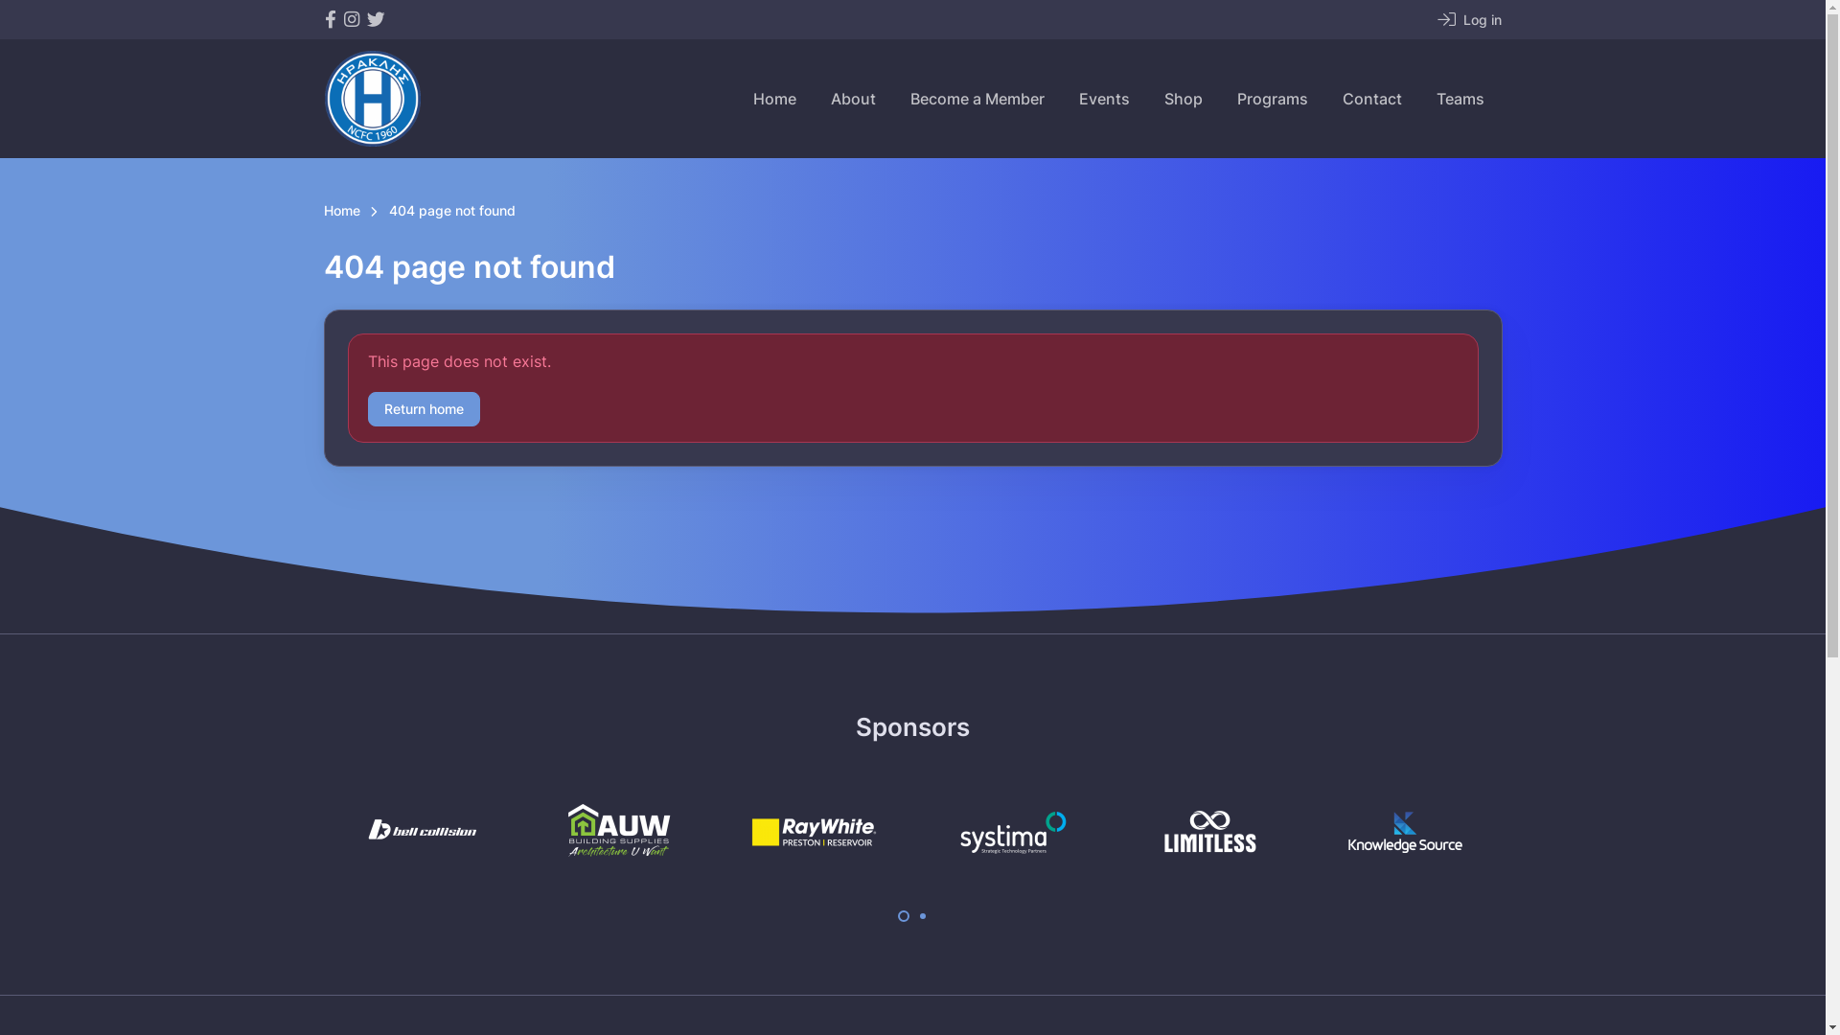 The height and width of the screenshot is (1035, 1840). What do you see at coordinates (1010, 831) in the screenshot?
I see `'Systima'` at bounding box center [1010, 831].